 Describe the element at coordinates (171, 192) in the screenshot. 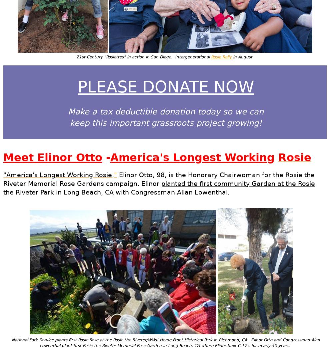

I see `'with Congressman Allan Lowenthal.'` at that location.